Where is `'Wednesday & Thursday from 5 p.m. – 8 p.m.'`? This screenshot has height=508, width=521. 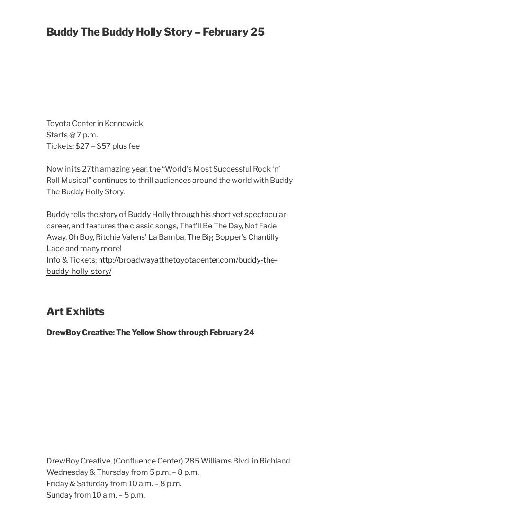 'Wednesday & Thursday from 5 p.m. – 8 p.m.' is located at coordinates (123, 471).